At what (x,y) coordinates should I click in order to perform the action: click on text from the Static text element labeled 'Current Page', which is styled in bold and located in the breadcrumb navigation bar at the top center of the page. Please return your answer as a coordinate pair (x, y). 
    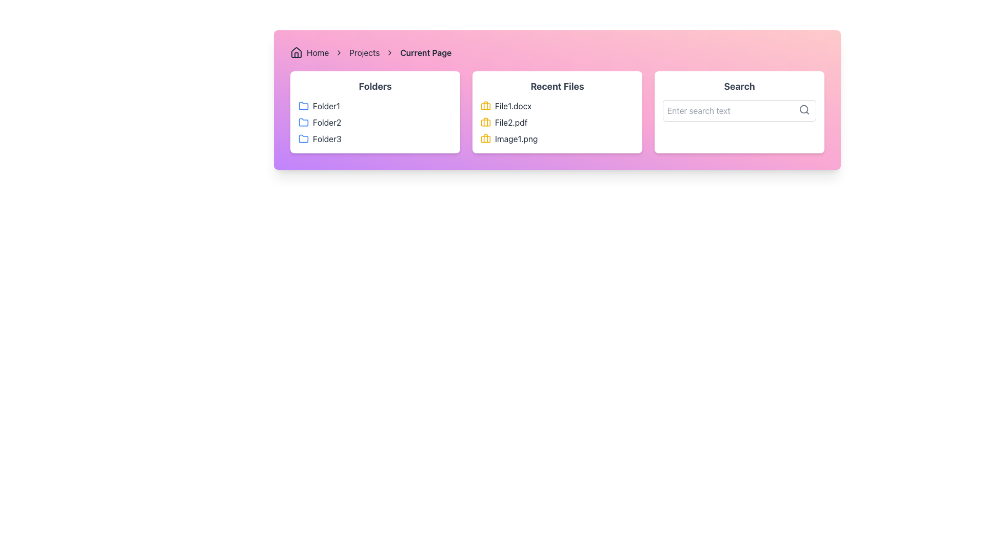
    Looking at the image, I should click on (426, 53).